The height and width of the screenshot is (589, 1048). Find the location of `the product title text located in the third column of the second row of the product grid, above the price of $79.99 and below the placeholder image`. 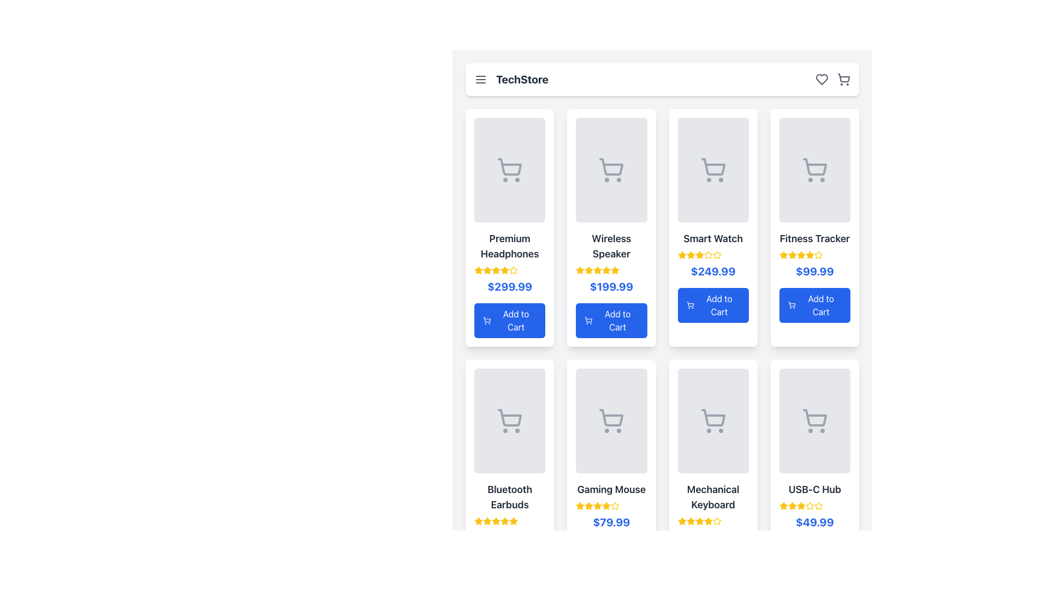

the product title text located in the third column of the second row of the product grid, above the price of $79.99 and below the placeholder image is located at coordinates (611, 489).